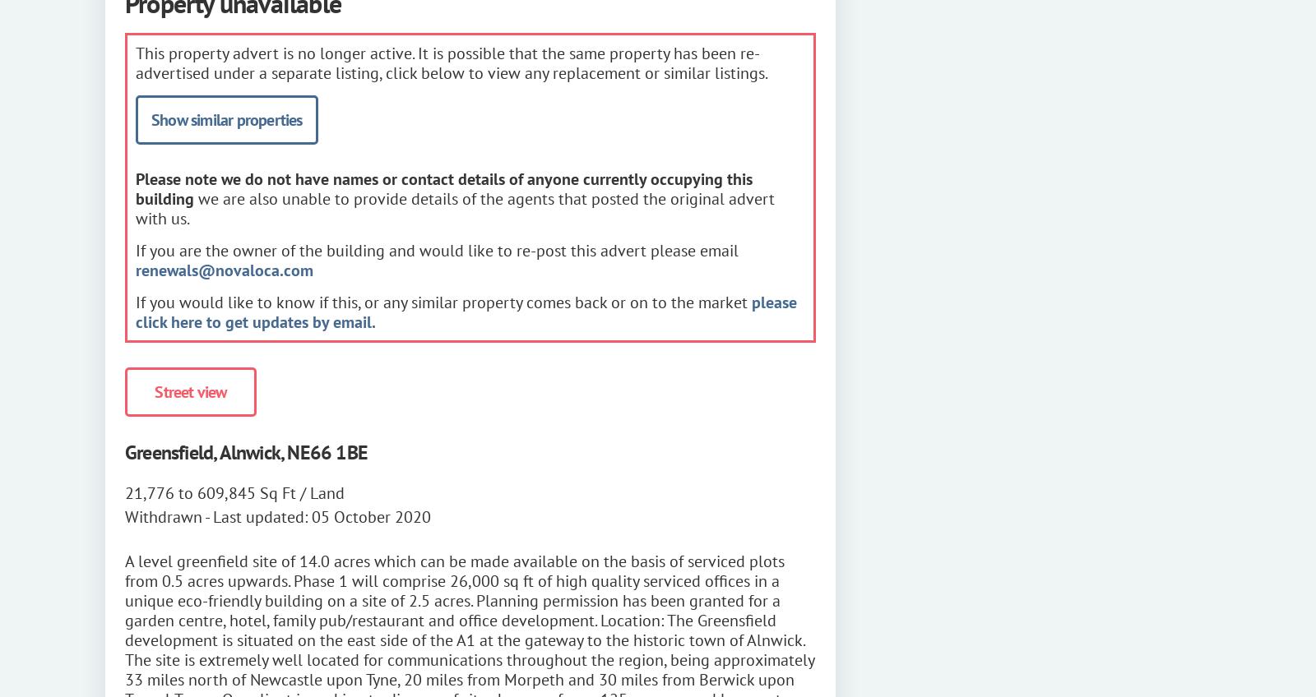 Image resolution: width=1316 pixels, height=697 pixels. Describe the element at coordinates (257, 516) in the screenshot. I see `'- Last updated:'` at that location.